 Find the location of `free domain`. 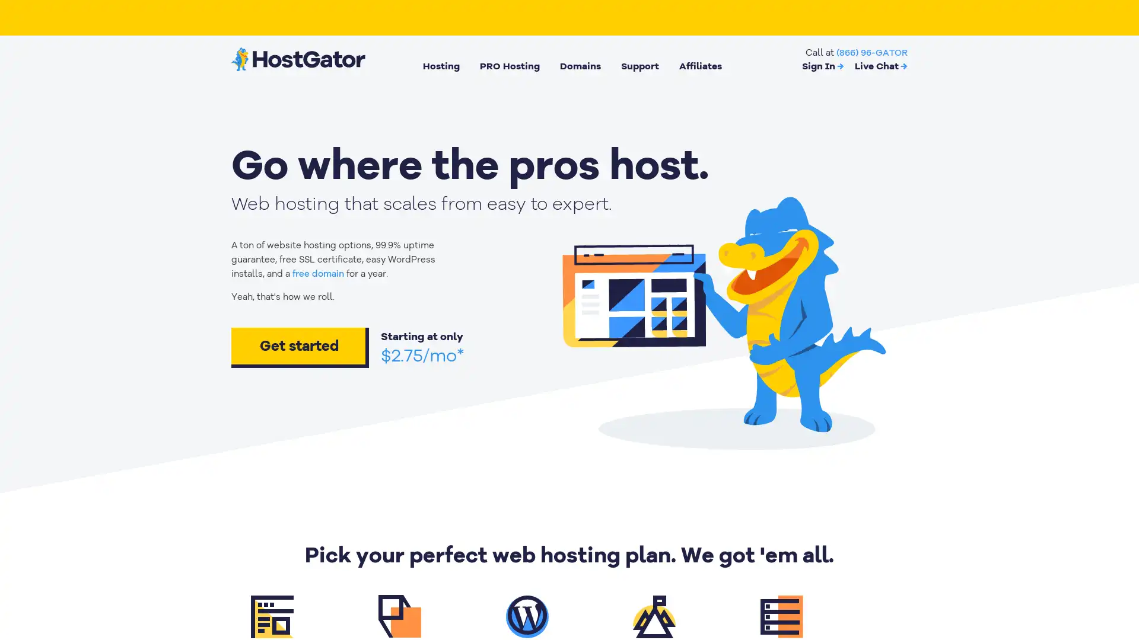

free domain is located at coordinates (318, 274).